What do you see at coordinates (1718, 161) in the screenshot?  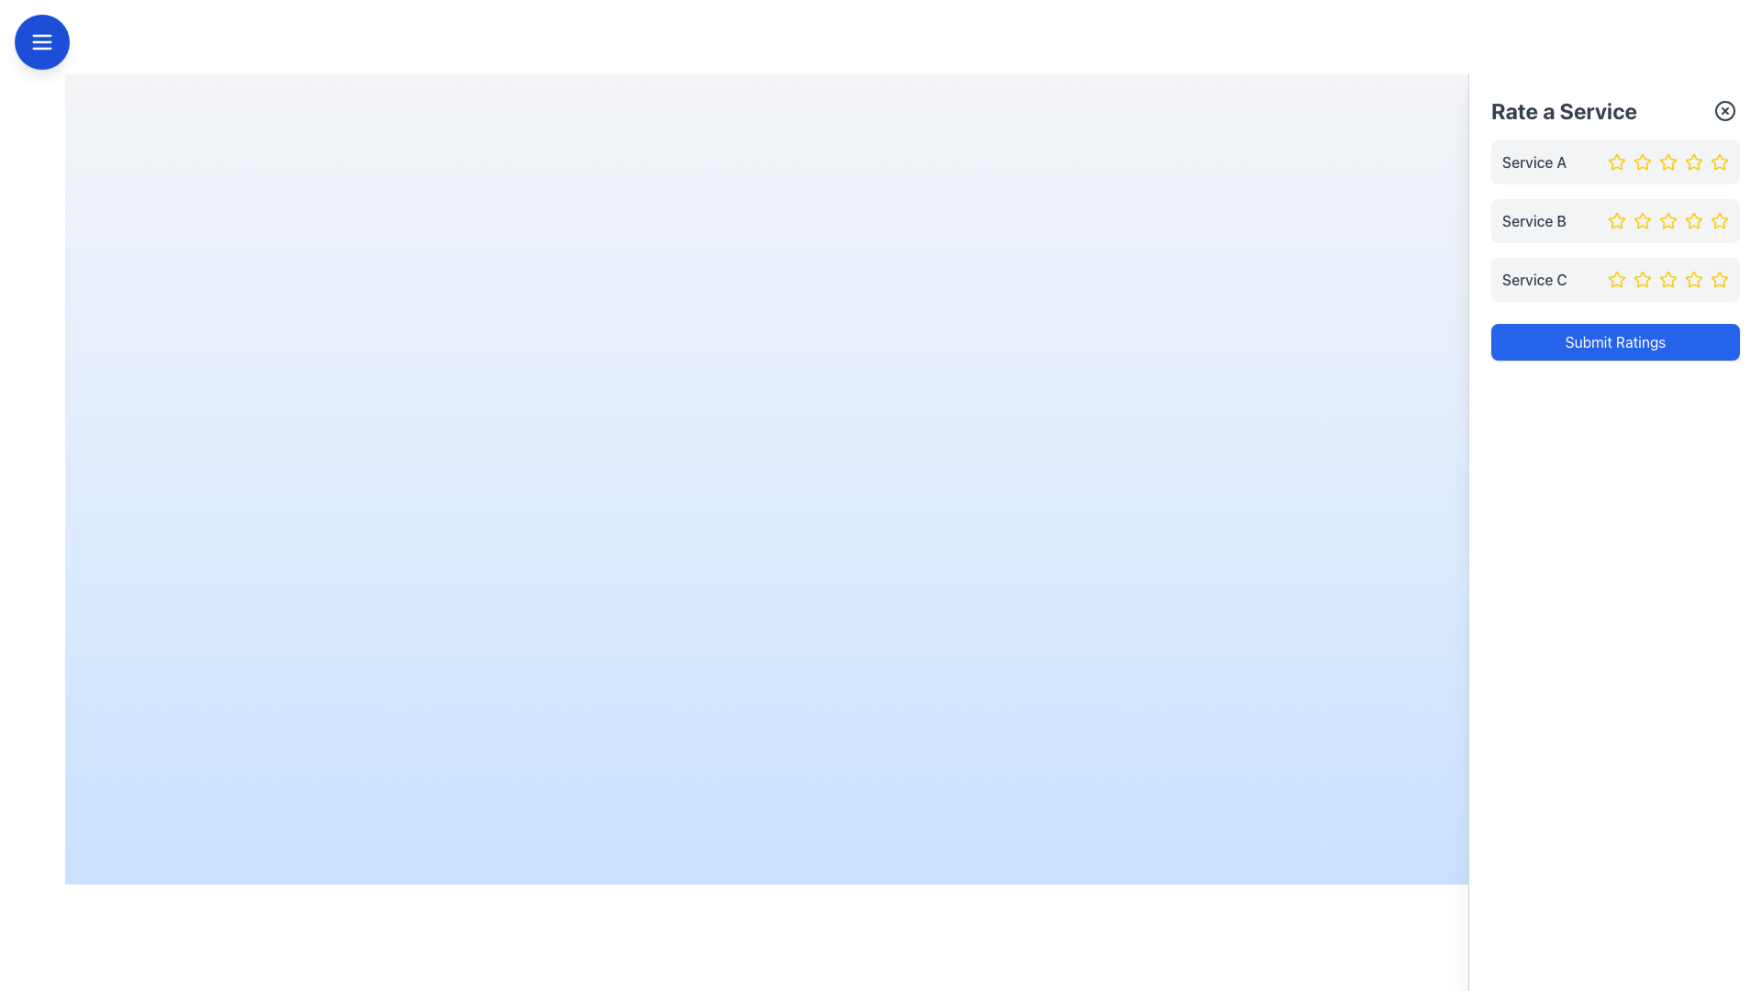 I see `the fifth star icon outlined with a yellow stroke and hollow interior in the rating row labeled 'Service A'` at bounding box center [1718, 161].